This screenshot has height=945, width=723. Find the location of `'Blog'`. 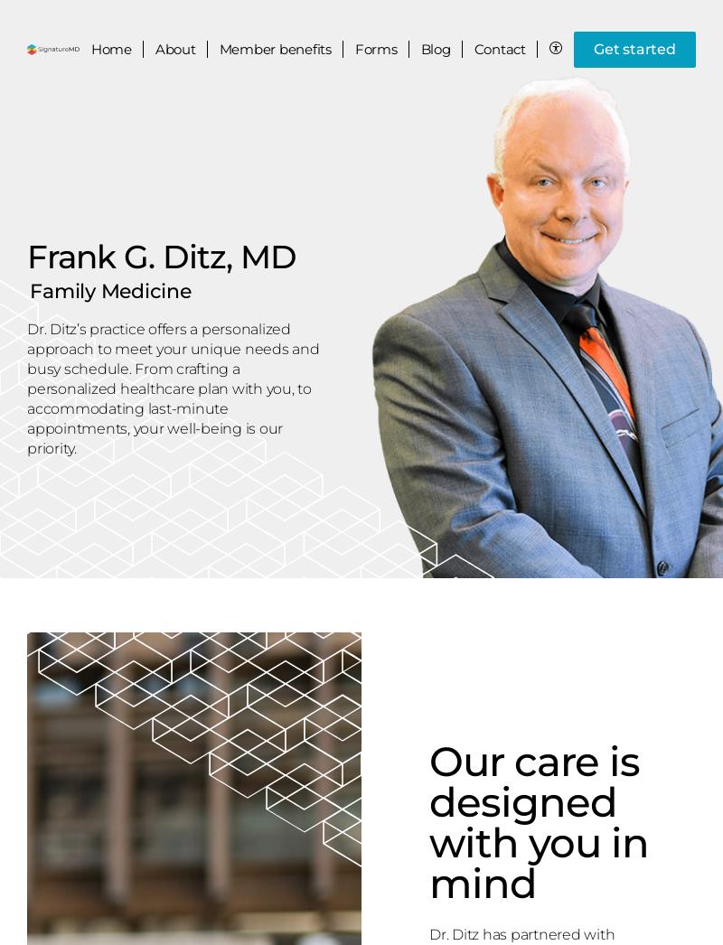

'Blog' is located at coordinates (435, 49).